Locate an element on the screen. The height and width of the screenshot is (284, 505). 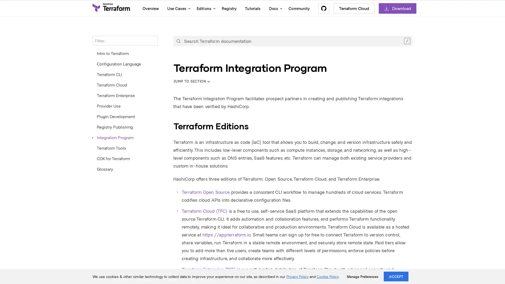
Editions is located at coordinates (204, 8).